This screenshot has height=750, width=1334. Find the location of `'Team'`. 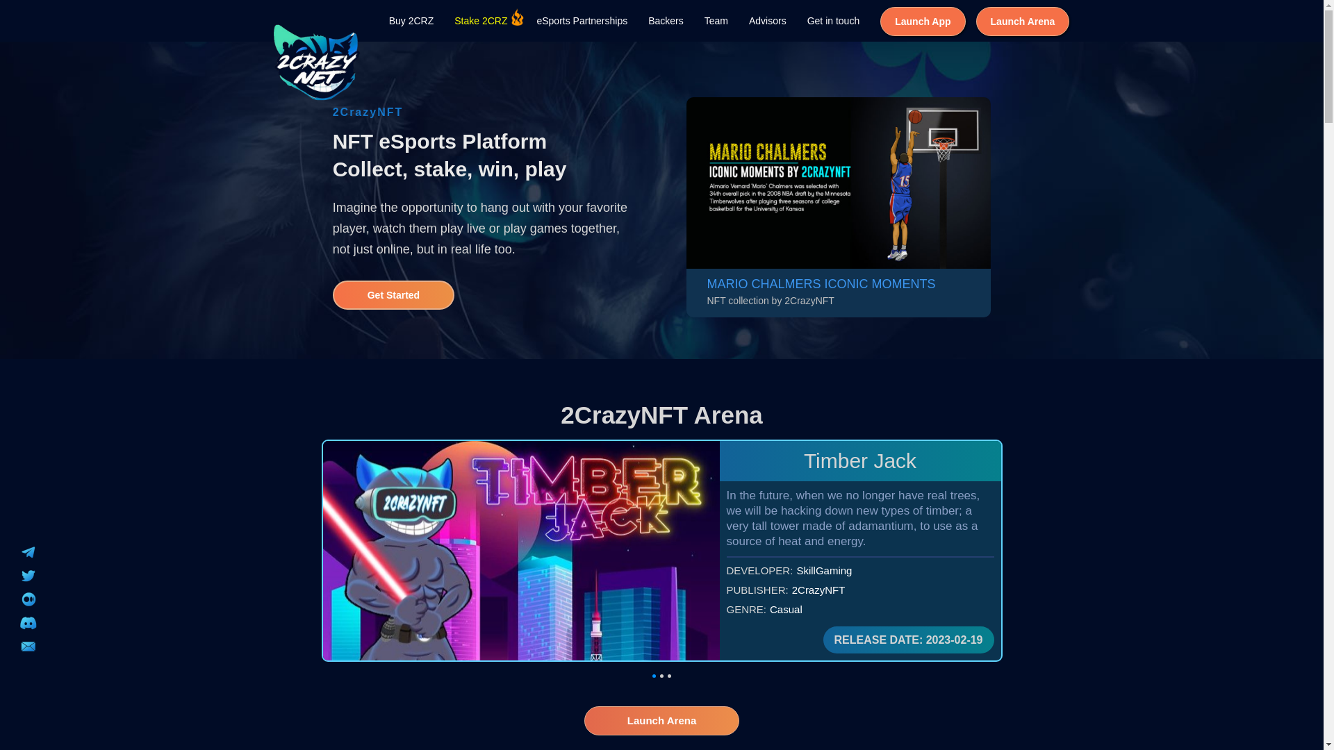

'Team' is located at coordinates (716, 21).